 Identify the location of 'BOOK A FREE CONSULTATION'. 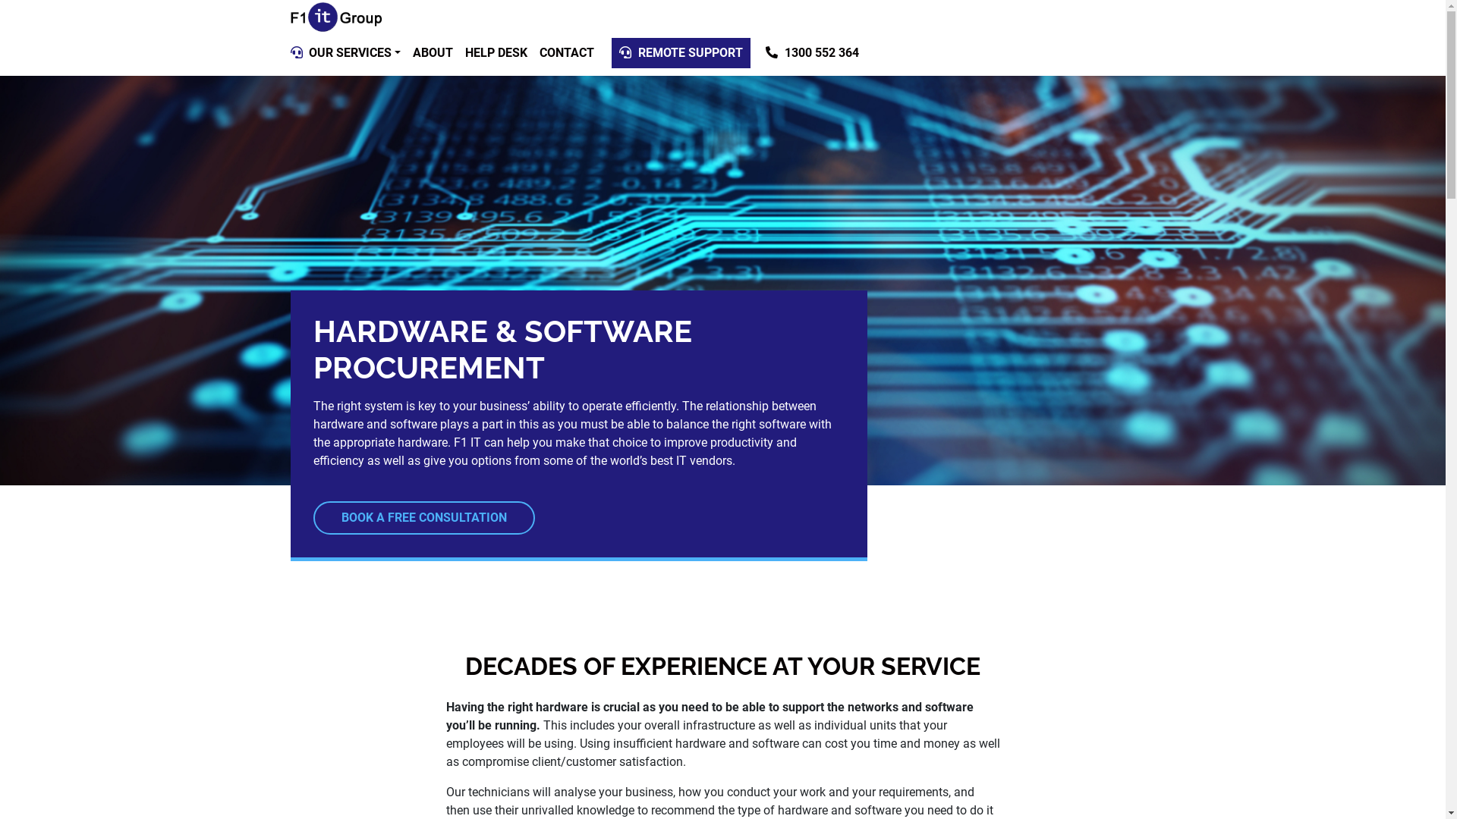
(423, 516).